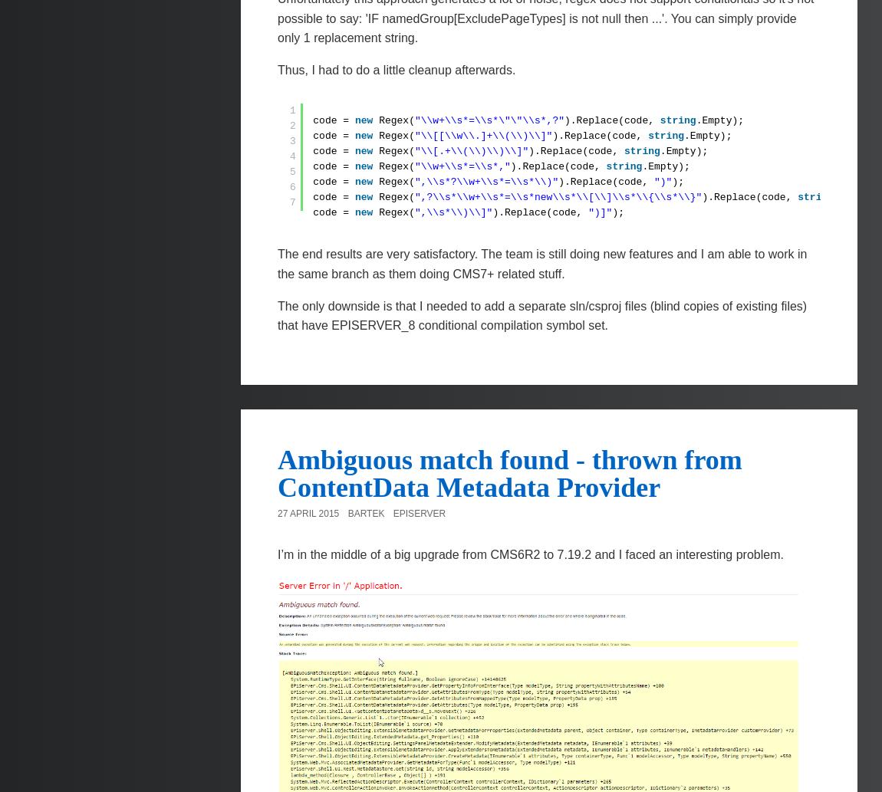 This screenshot has width=882, height=792. Describe the element at coordinates (653, 181) in the screenshot. I see `'")"'` at that location.